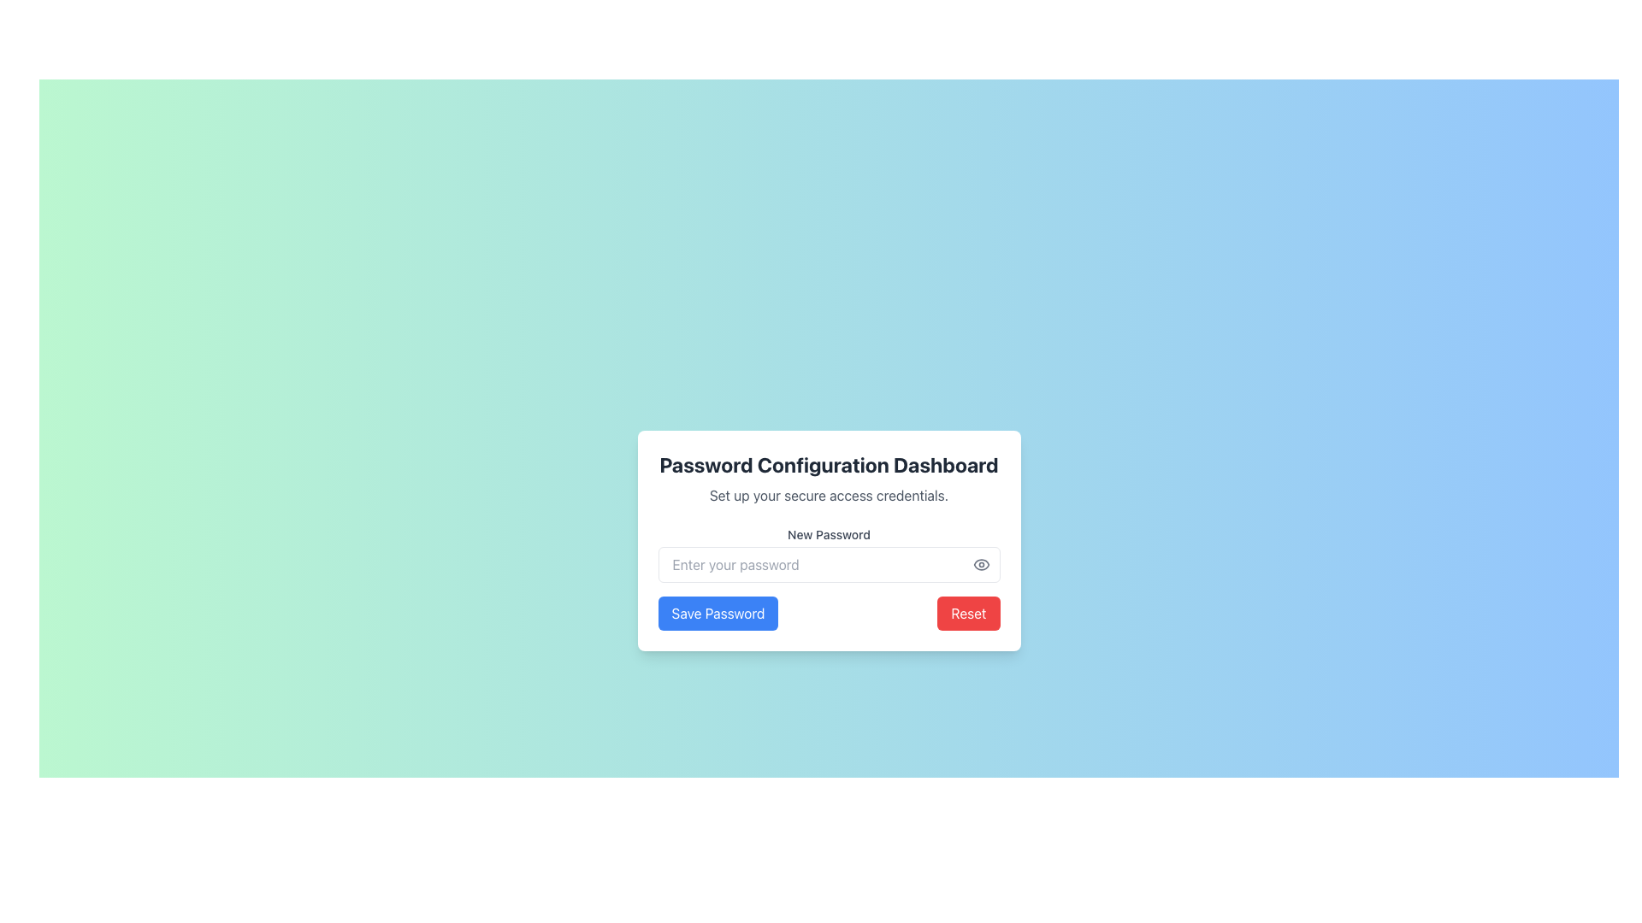 This screenshot has width=1642, height=923. What do you see at coordinates (986, 564) in the screenshot?
I see `the eye icon used to toggle the visibility of the password field, which is located at the far right of the 'Enter your password' text field` at bounding box center [986, 564].